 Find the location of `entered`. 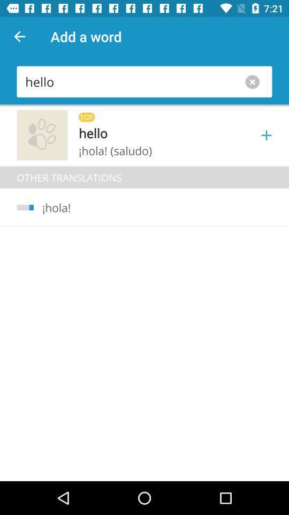

entered is located at coordinates (254, 81).